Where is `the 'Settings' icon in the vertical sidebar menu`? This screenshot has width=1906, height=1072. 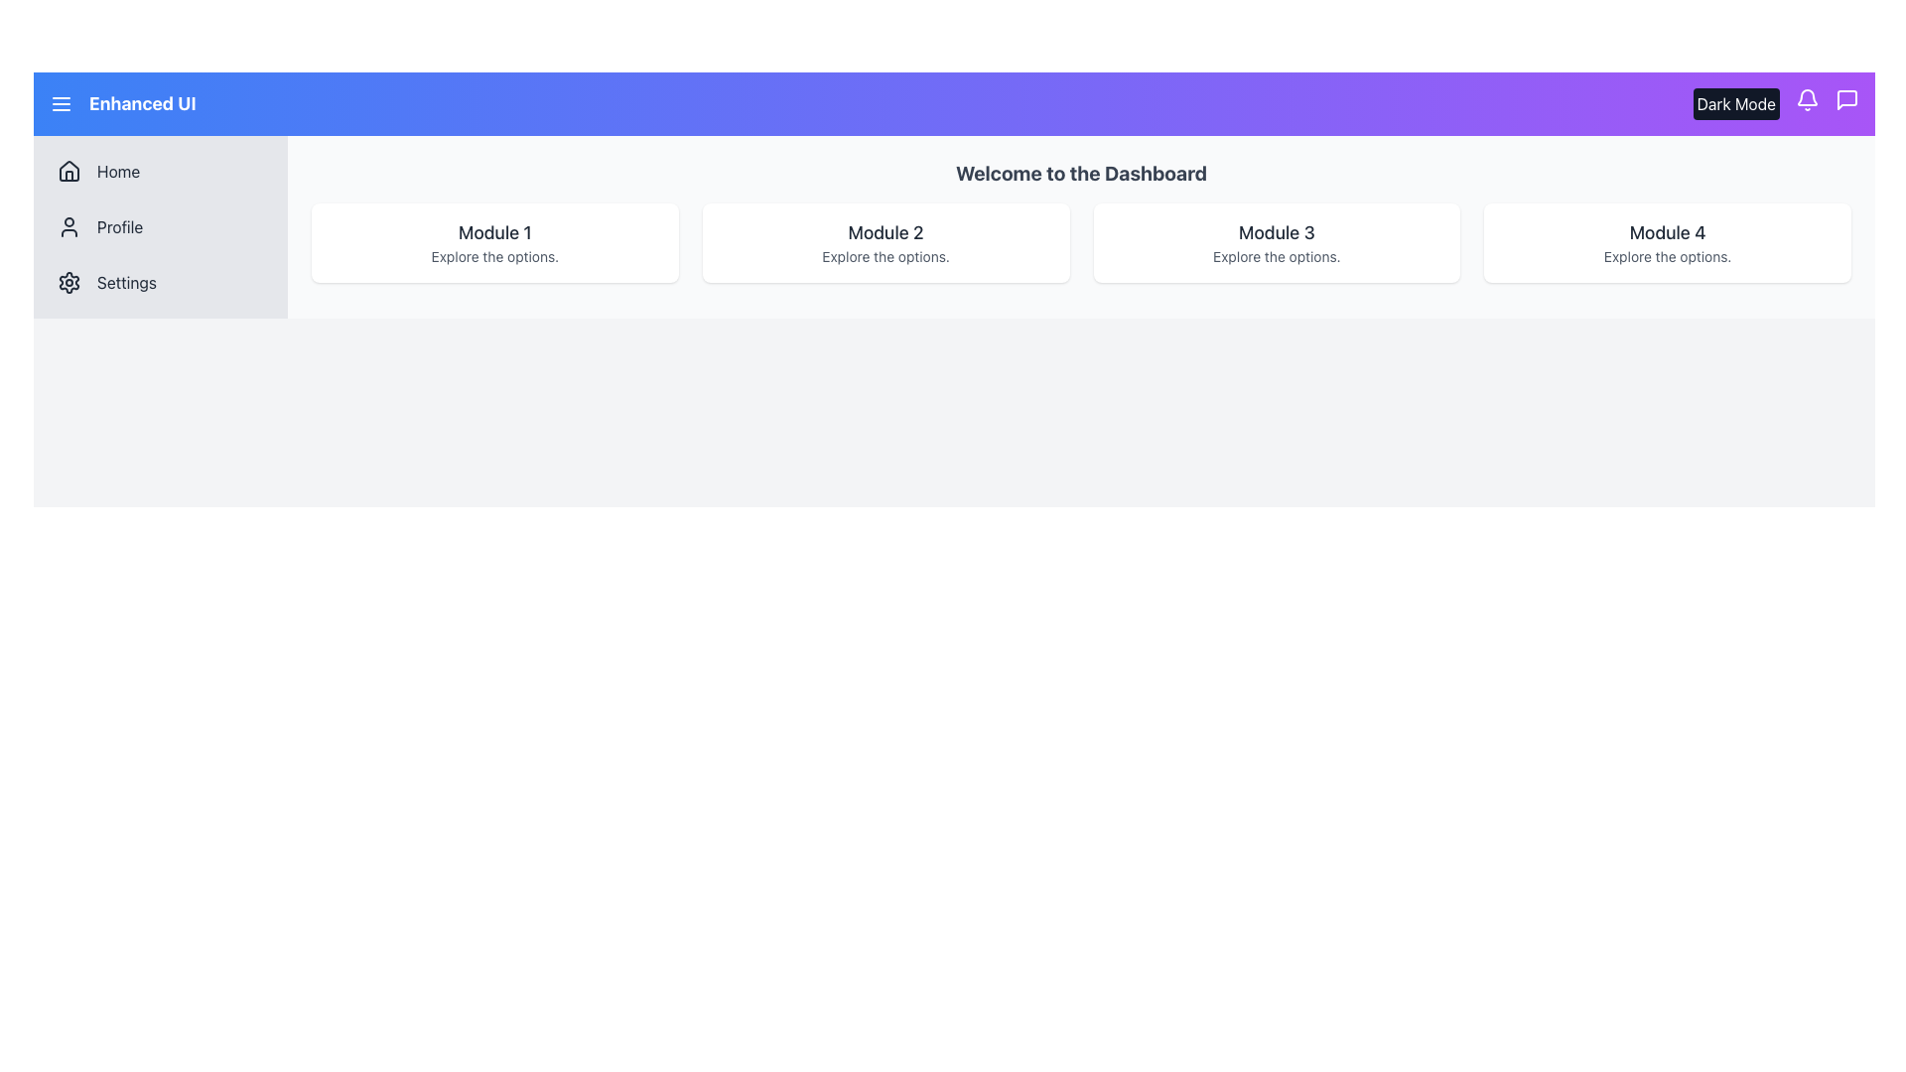
the 'Settings' icon in the vertical sidebar menu is located at coordinates (69, 283).